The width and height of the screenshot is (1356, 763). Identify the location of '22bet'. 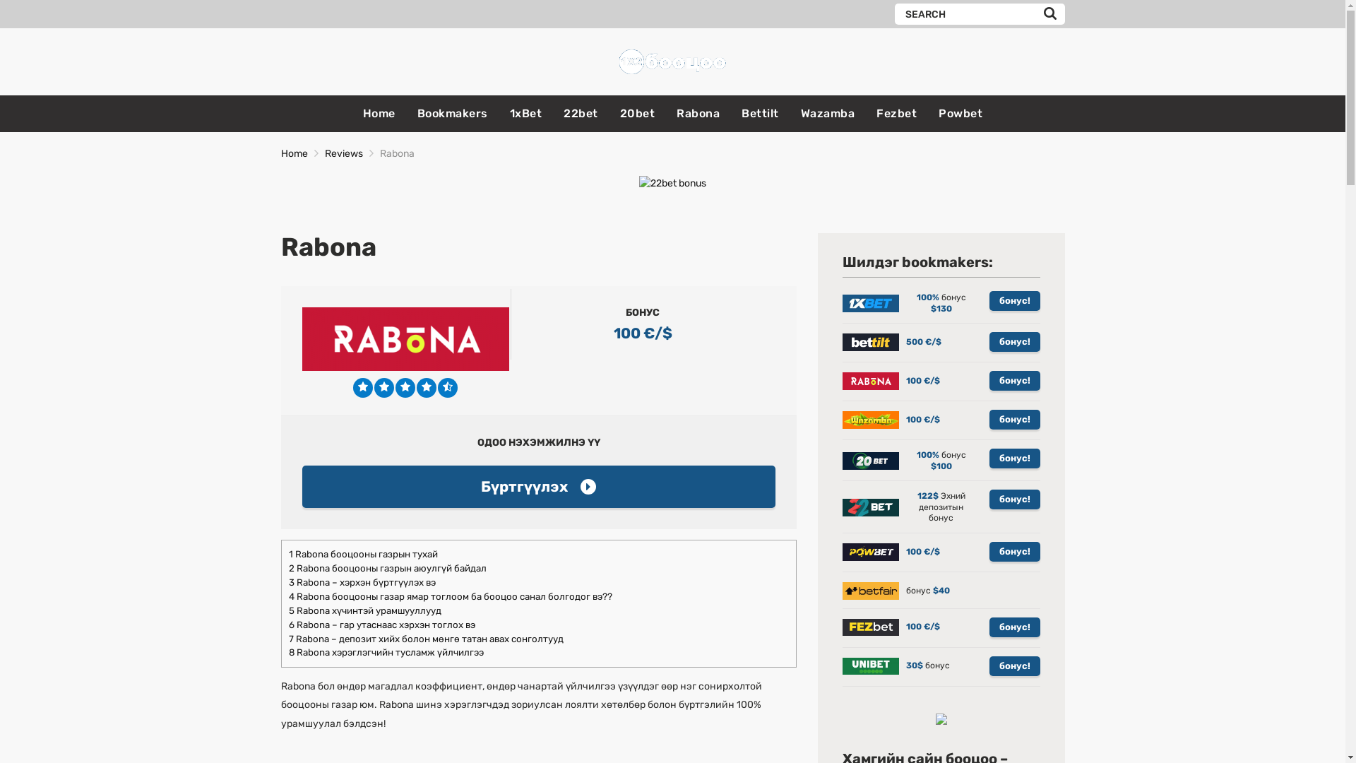
(562, 113).